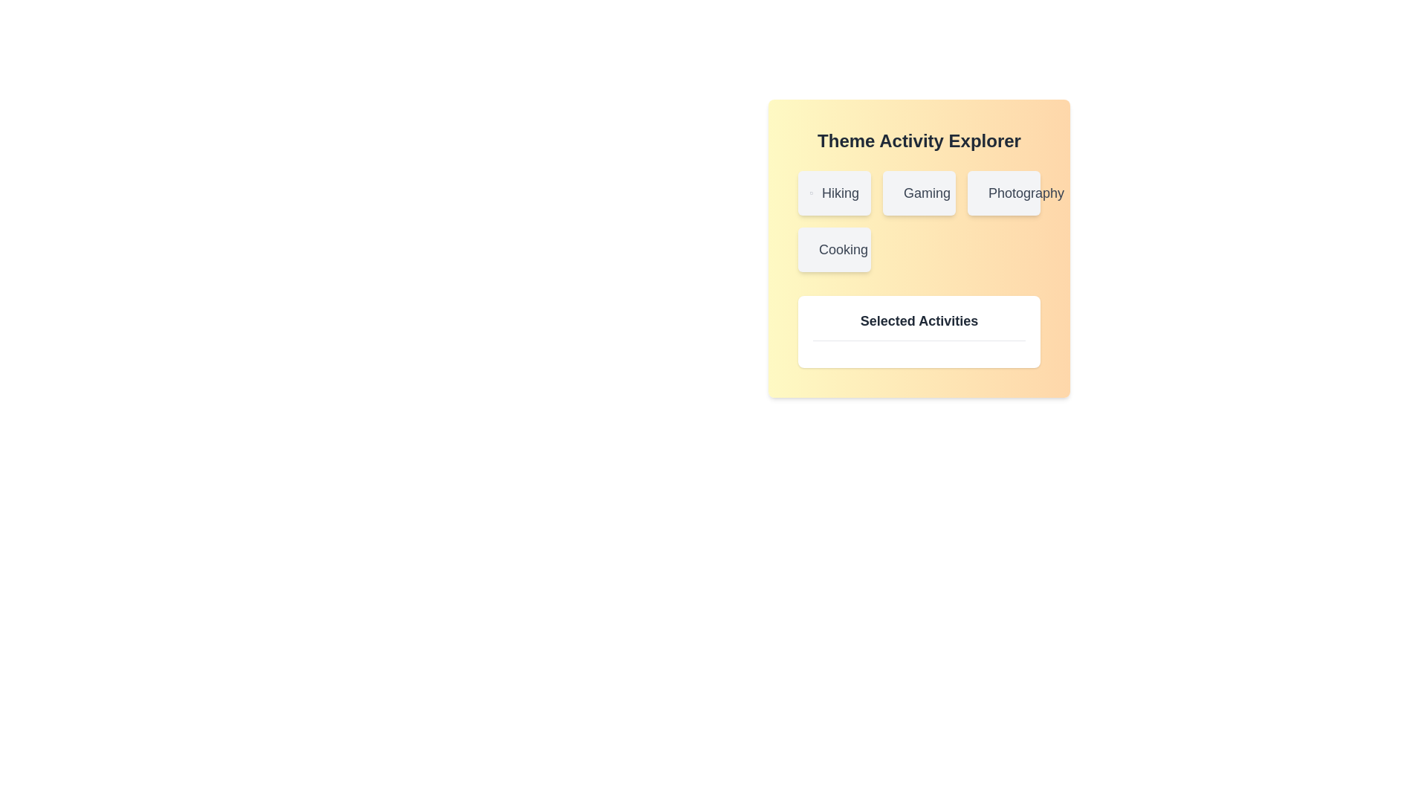  I want to click on the small square with rounded edges and a stroke outline that represents the icon for the 'Cooking' button in the 'Theme Activity Explorer' interface, so click(818, 248).